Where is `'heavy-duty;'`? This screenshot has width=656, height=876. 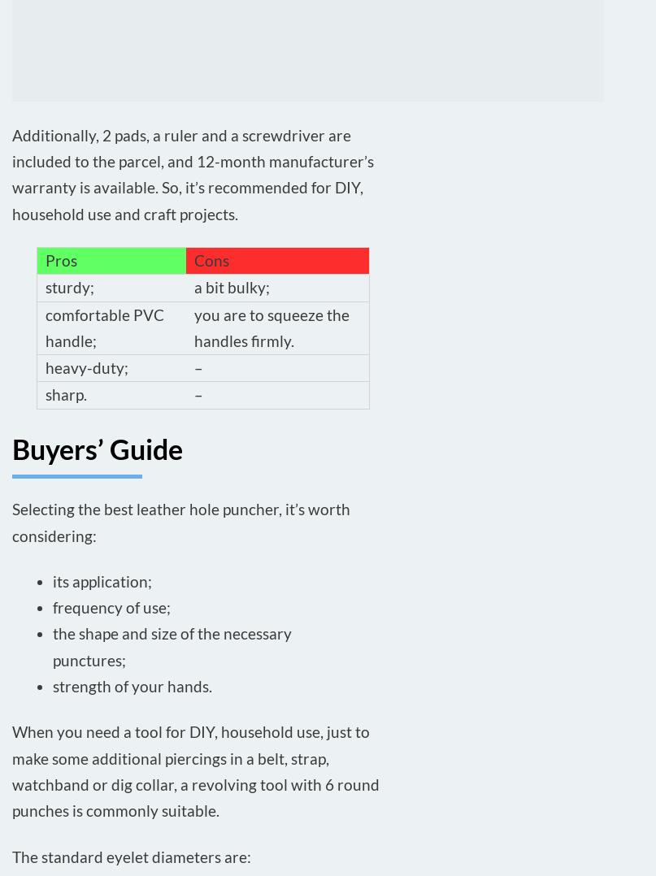
'heavy-duty;' is located at coordinates (86, 367).